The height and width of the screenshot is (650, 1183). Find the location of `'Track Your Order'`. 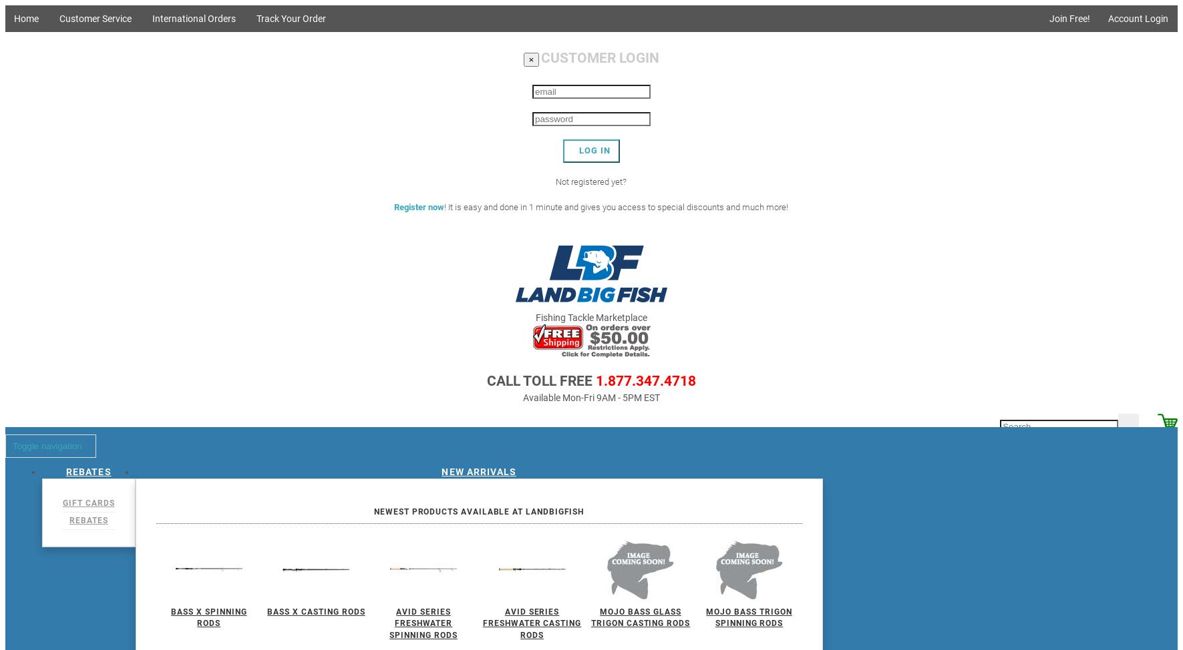

'Track Your Order' is located at coordinates (290, 18).